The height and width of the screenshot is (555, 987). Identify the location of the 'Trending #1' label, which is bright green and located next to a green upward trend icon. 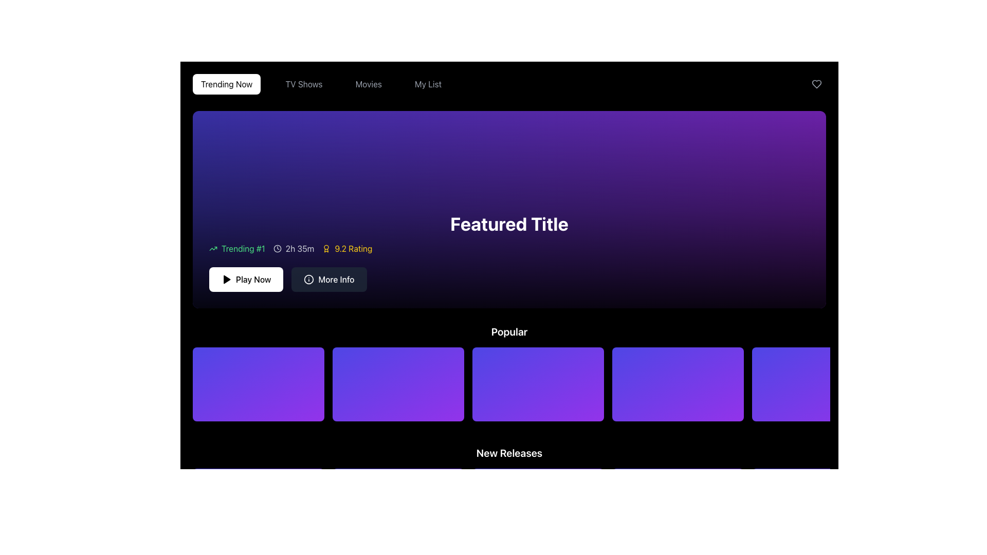
(243, 248).